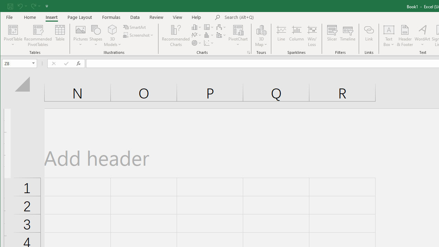 The width and height of the screenshot is (439, 247). Describe the element at coordinates (51, 17) in the screenshot. I see `'Insert'` at that location.